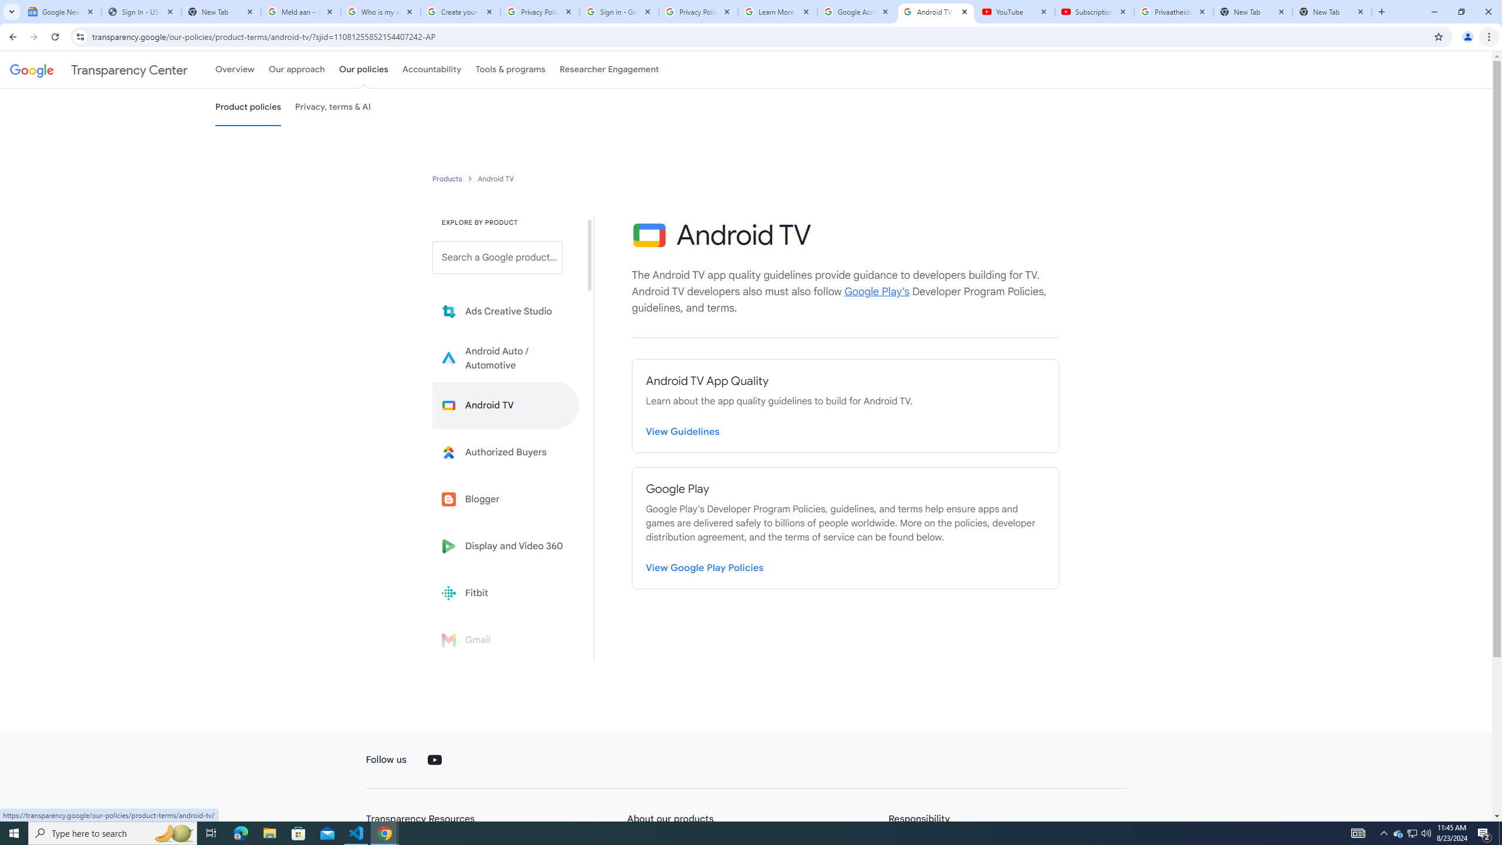 The height and width of the screenshot is (845, 1502). What do you see at coordinates (505, 358) in the screenshot?
I see `'Learn more about Android Auto'` at bounding box center [505, 358].